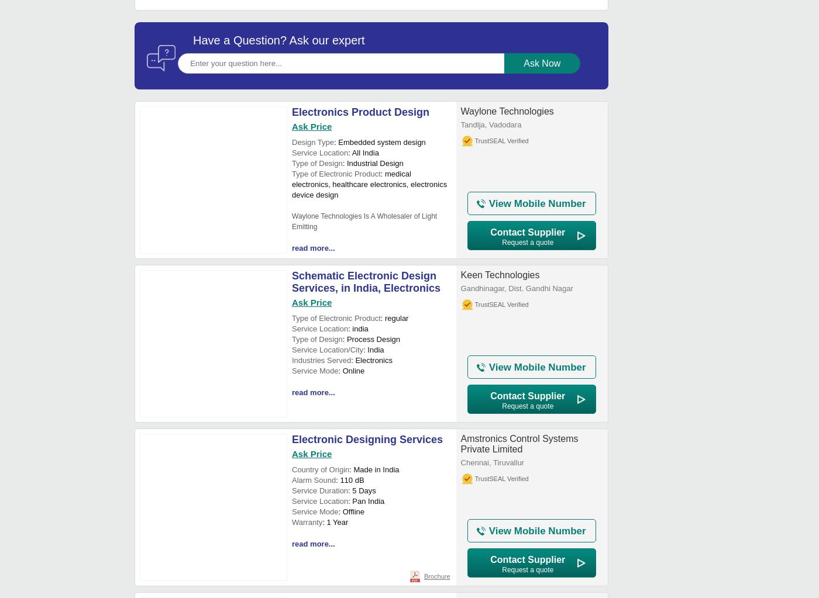 Image resolution: width=819 pixels, height=598 pixels. Describe the element at coordinates (336, 480) in the screenshot. I see `':  110 dB'` at that location.